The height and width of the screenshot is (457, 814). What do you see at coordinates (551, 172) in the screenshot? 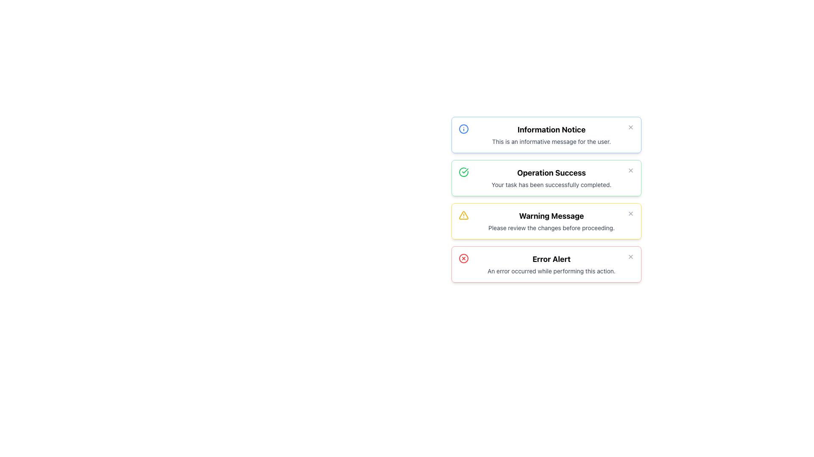
I see `the main title text element inside the green-bordered alert box that indicates successful task completion` at bounding box center [551, 172].